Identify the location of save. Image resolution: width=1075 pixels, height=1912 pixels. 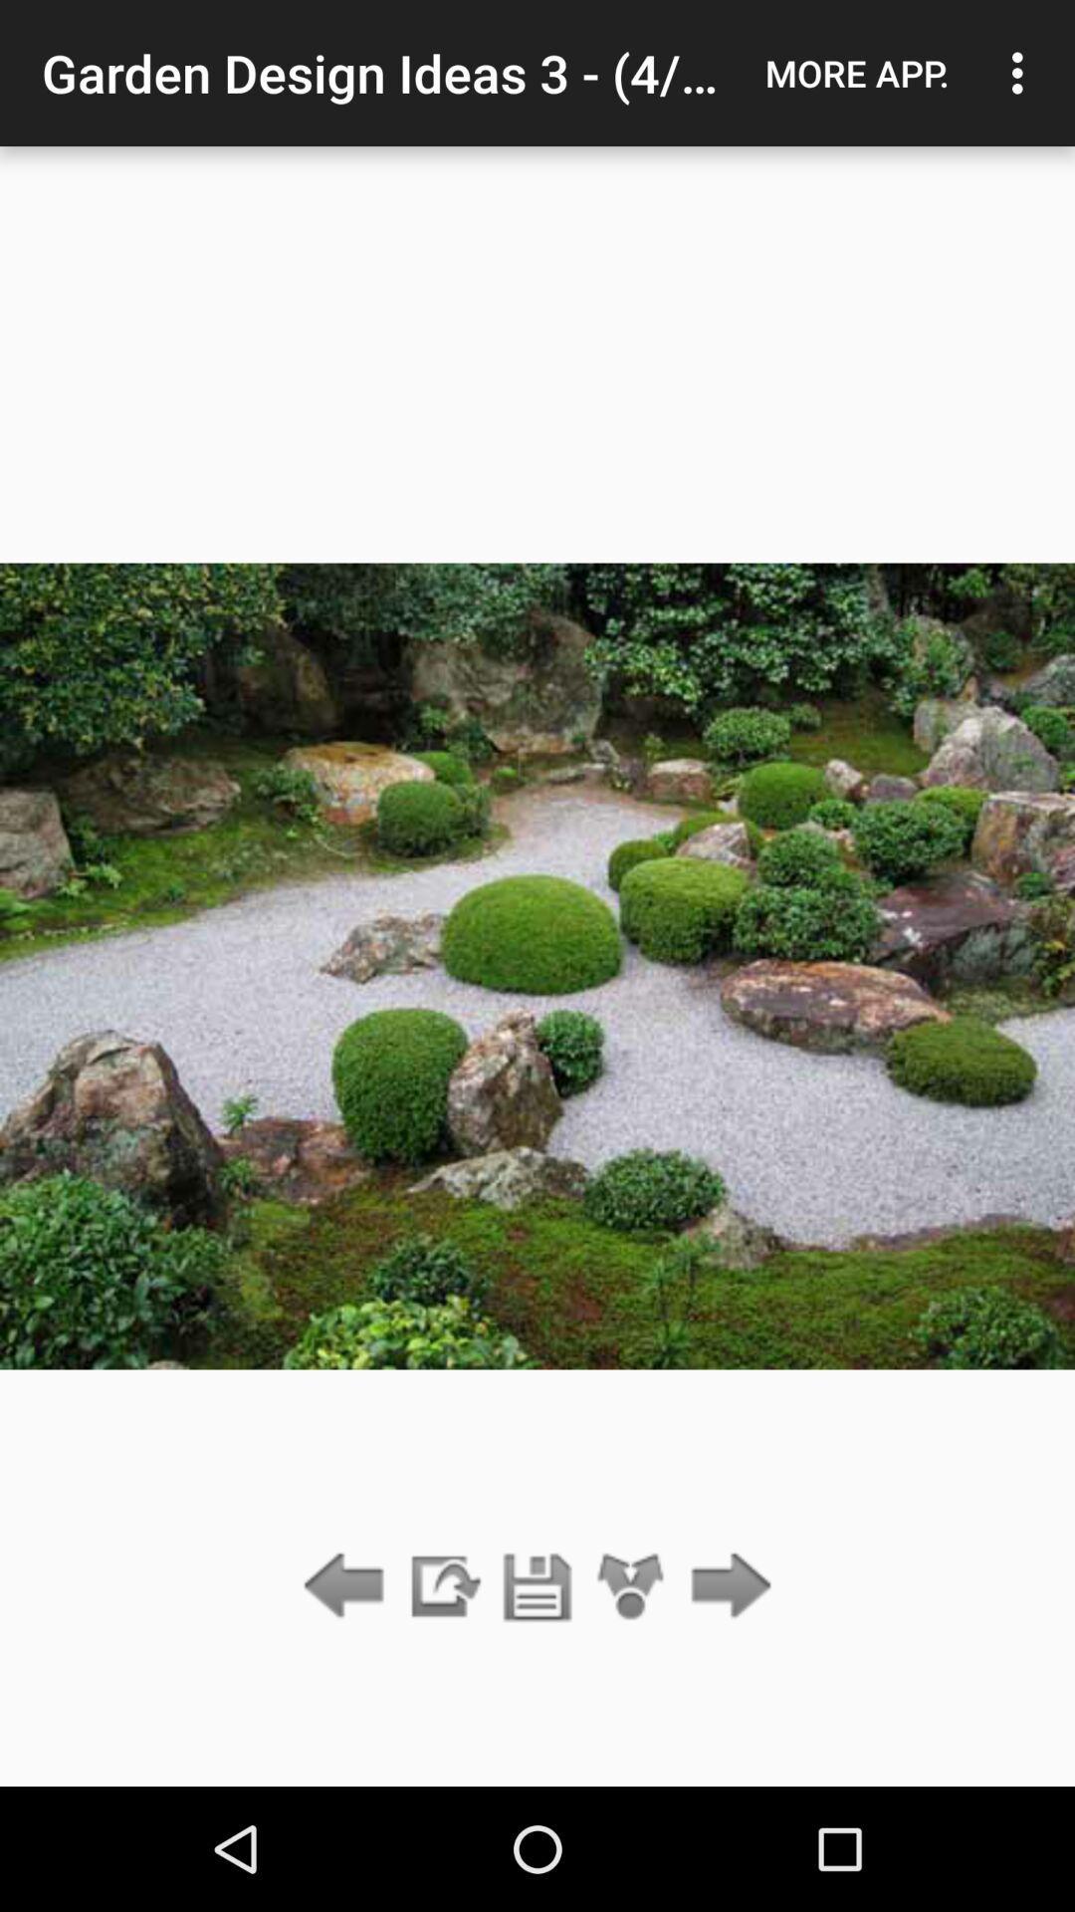
(537, 1586).